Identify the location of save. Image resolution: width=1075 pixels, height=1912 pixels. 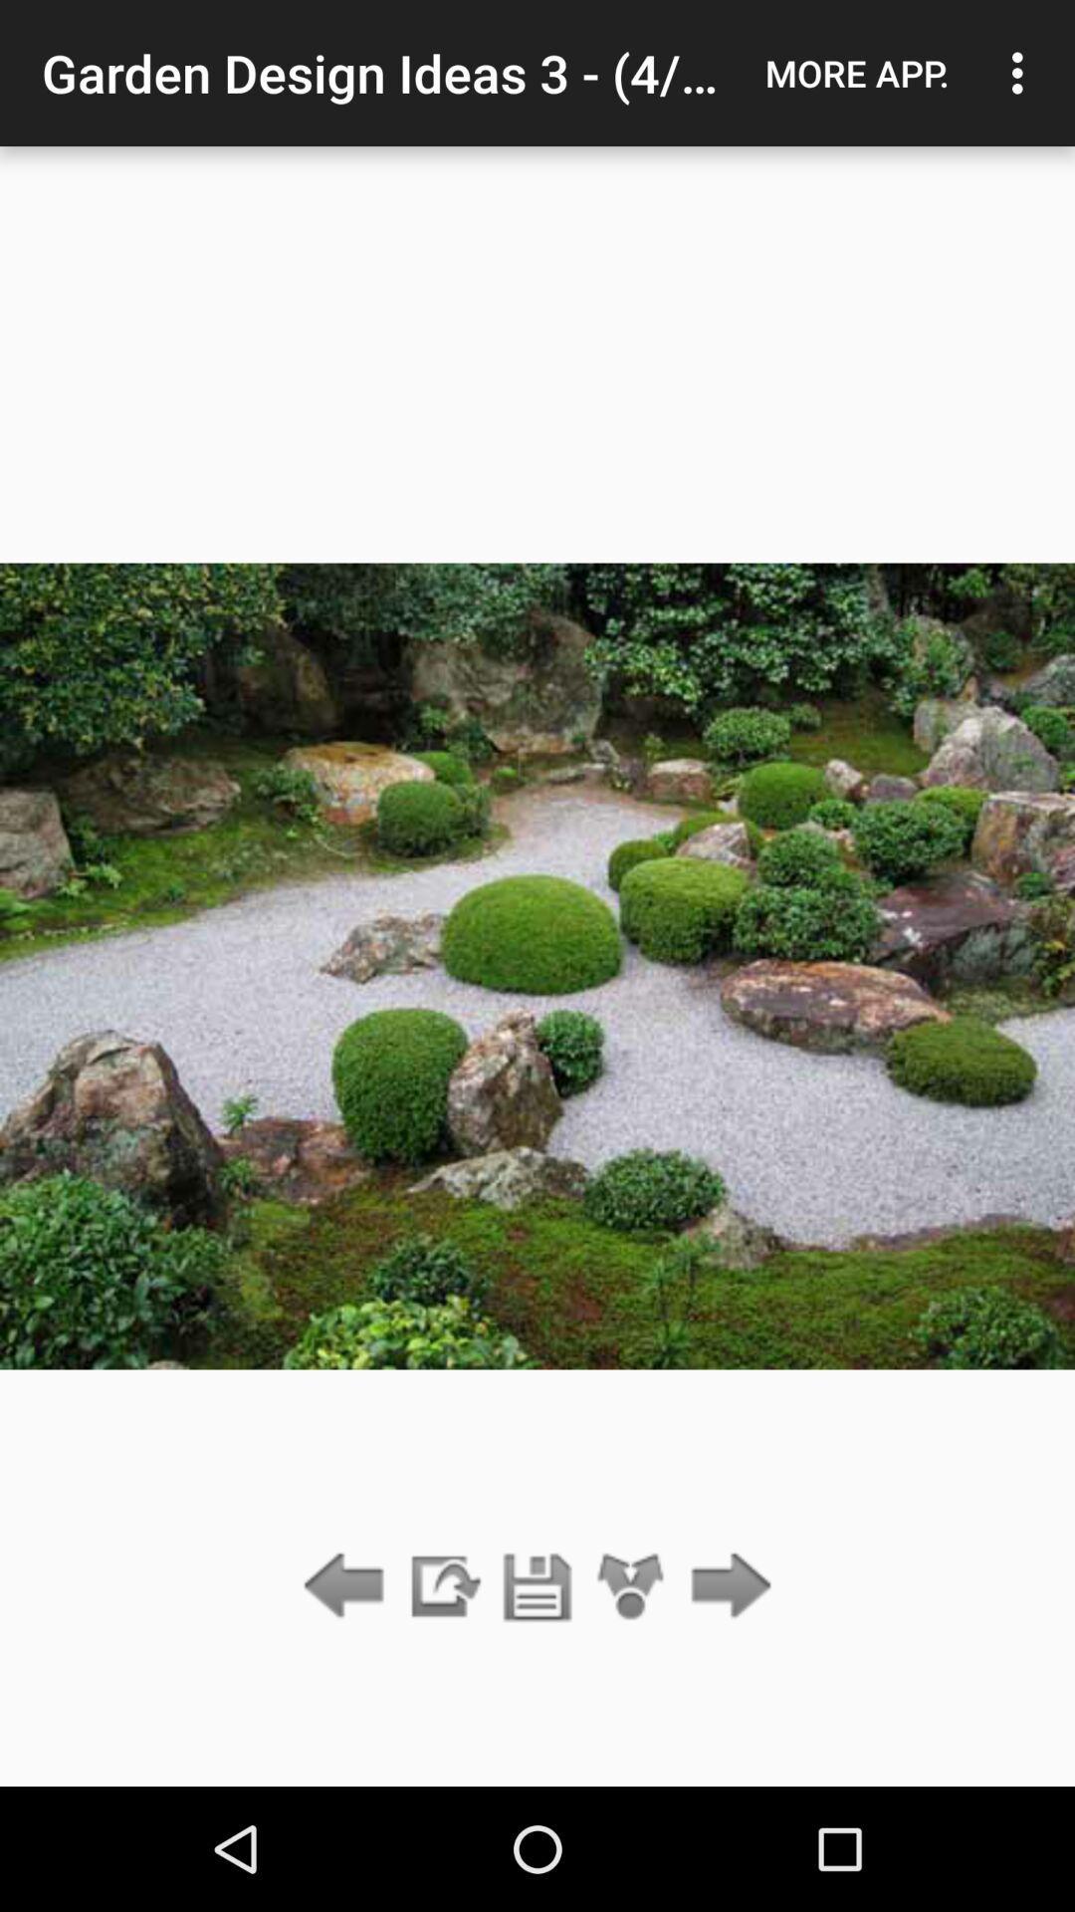
(537, 1586).